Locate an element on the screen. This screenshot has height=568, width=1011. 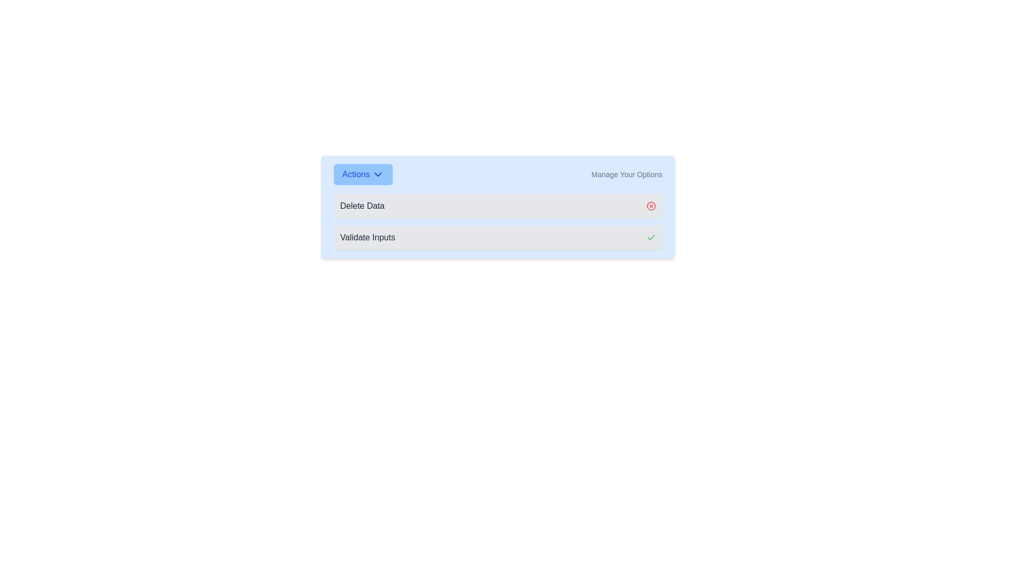
the icons in the Action Selector Panel titled 'Actions Manage Your Options' is located at coordinates (497, 221).